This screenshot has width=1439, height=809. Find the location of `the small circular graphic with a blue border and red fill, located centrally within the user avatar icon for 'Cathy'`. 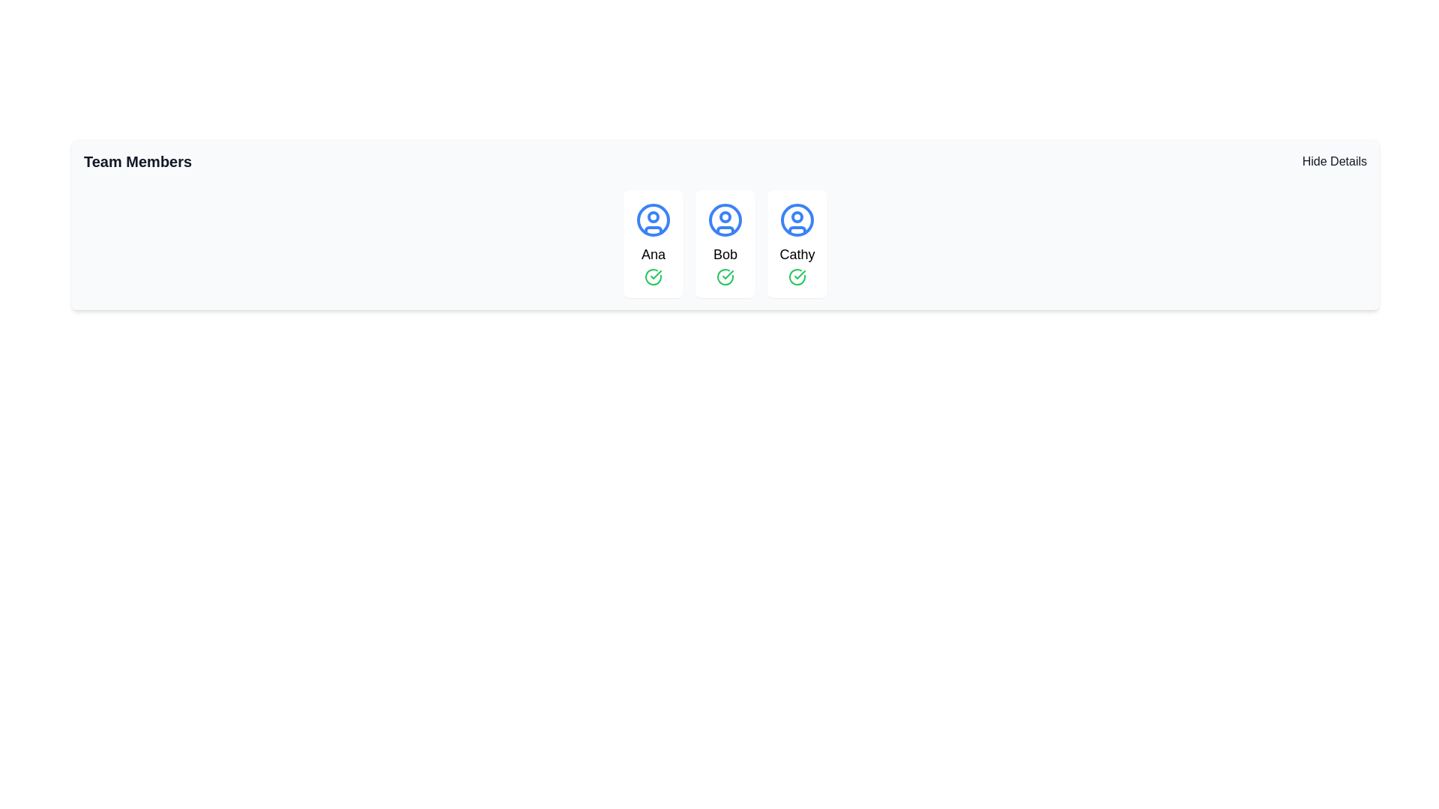

the small circular graphic with a blue border and red fill, located centrally within the user avatar icon for 'Cathy' is located at coordinates (797, 216).